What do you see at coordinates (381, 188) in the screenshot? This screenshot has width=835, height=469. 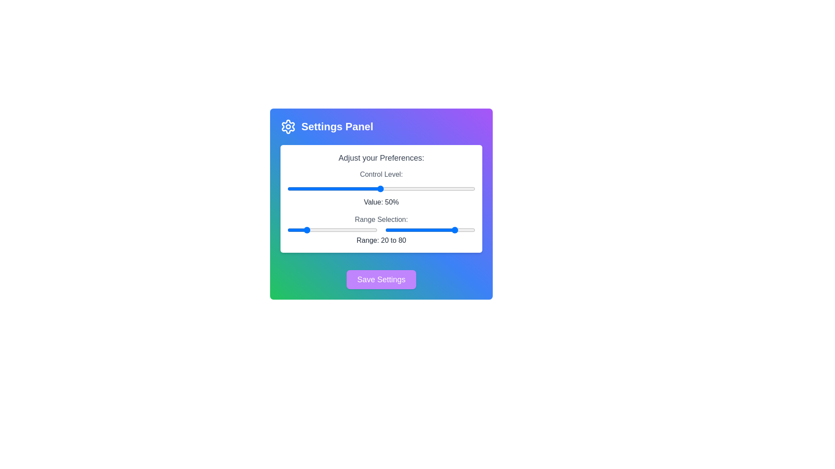 I see `the slider component labeled 'Control Level:'` at bounding box center [381, 188].